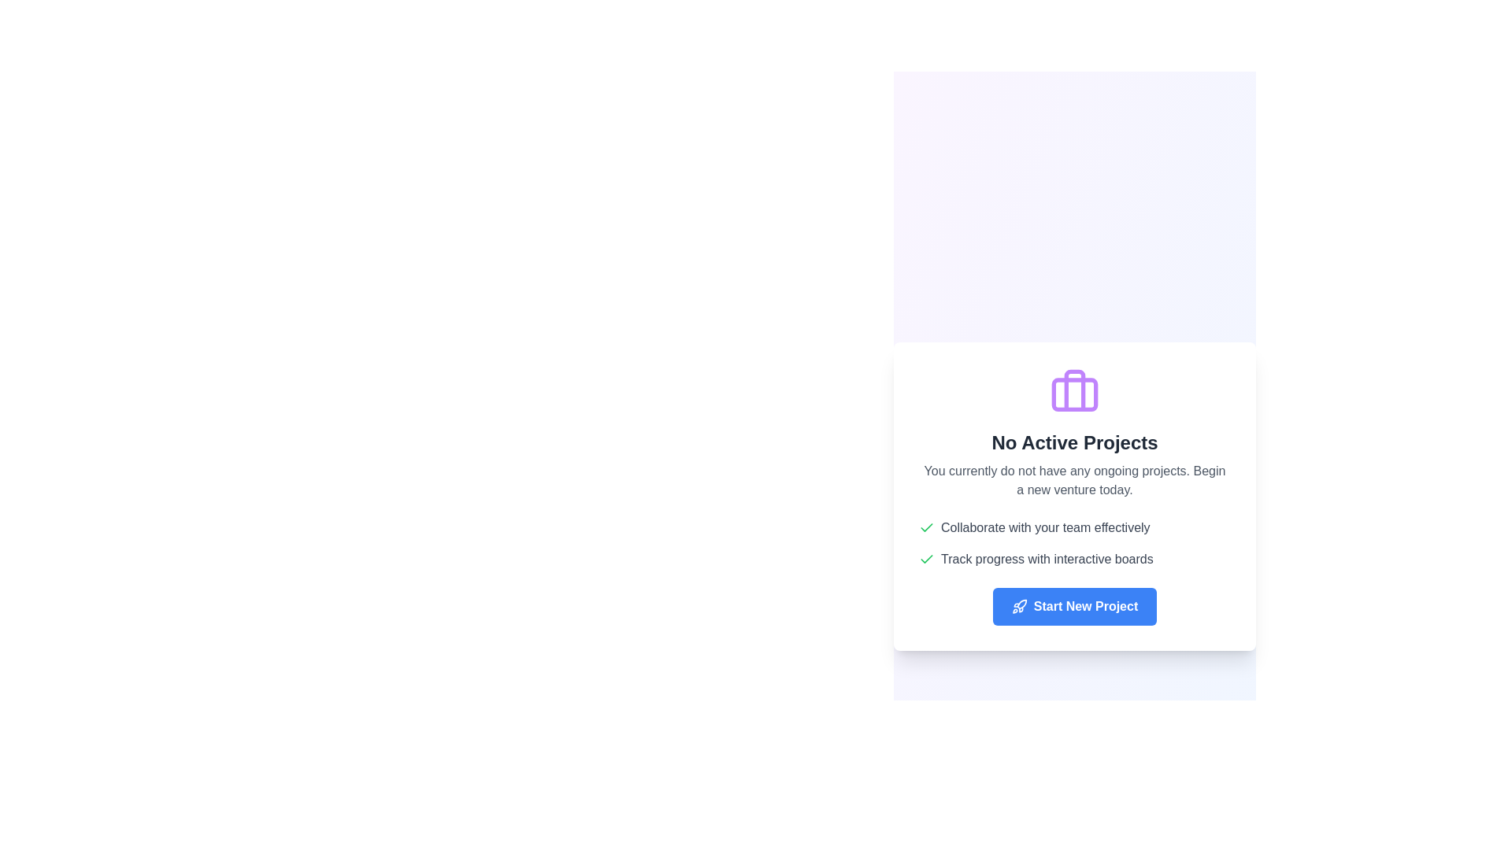 This screenshot has width=1512, height=850. I want to click on the Text with Icon element that suggests collaboration with a team, located above the 'Track progress with interactive boards' text, so click(1073, 528).